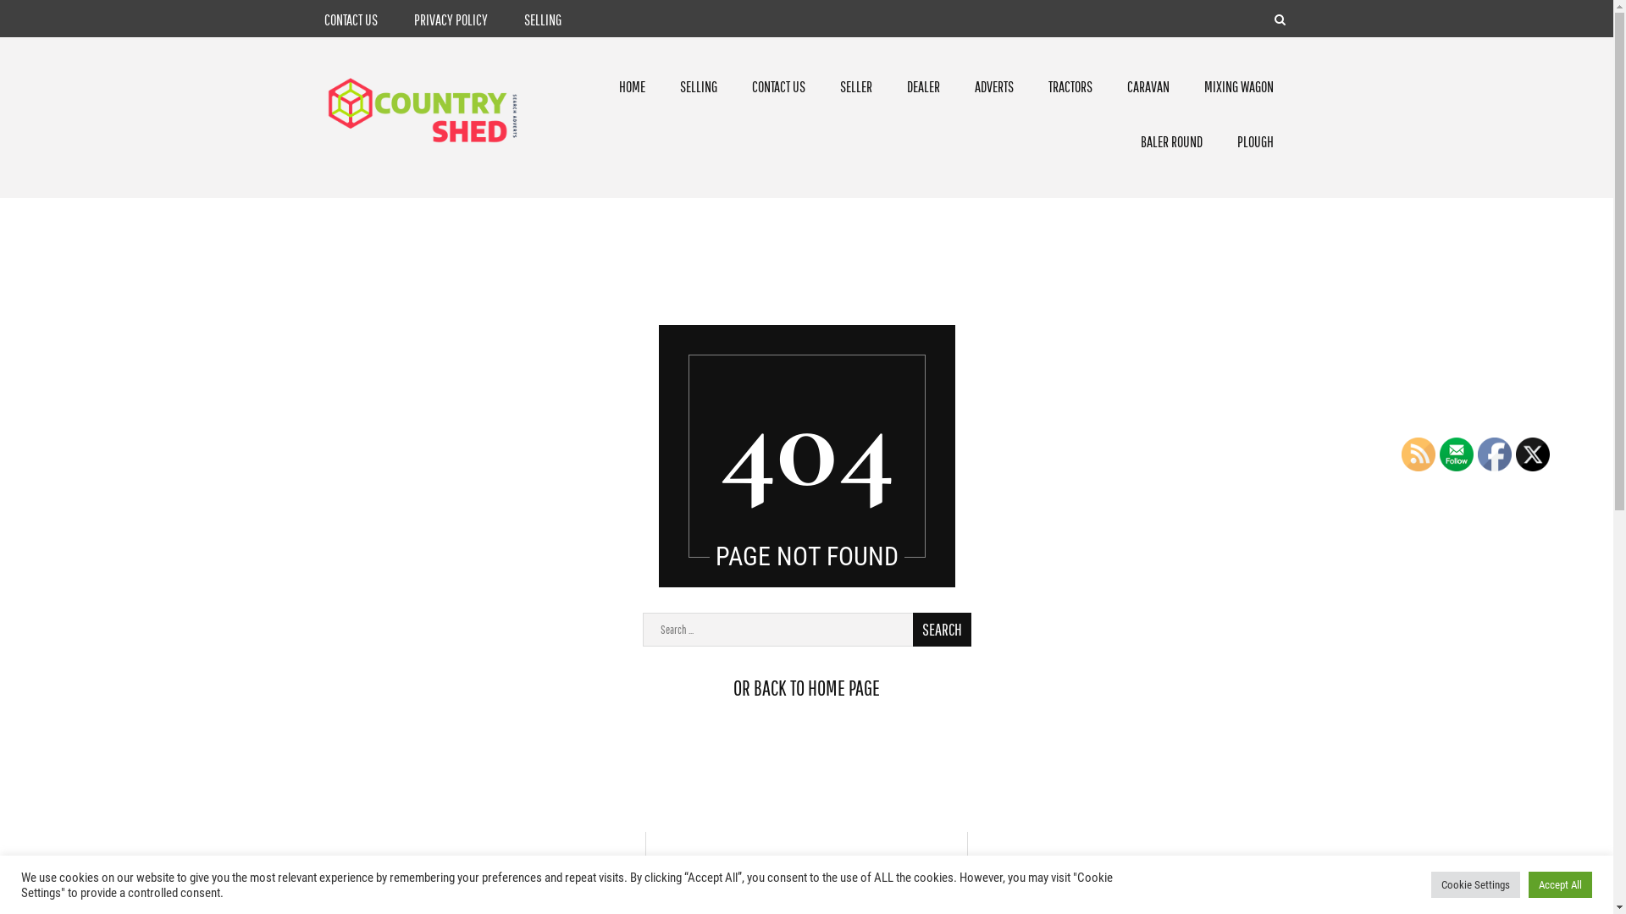 The width and height of the screenshot is (1626, 914). Describe the element at coordinates (1068, 86) in the screenshot. I see `'TRACTORS'` at that location.